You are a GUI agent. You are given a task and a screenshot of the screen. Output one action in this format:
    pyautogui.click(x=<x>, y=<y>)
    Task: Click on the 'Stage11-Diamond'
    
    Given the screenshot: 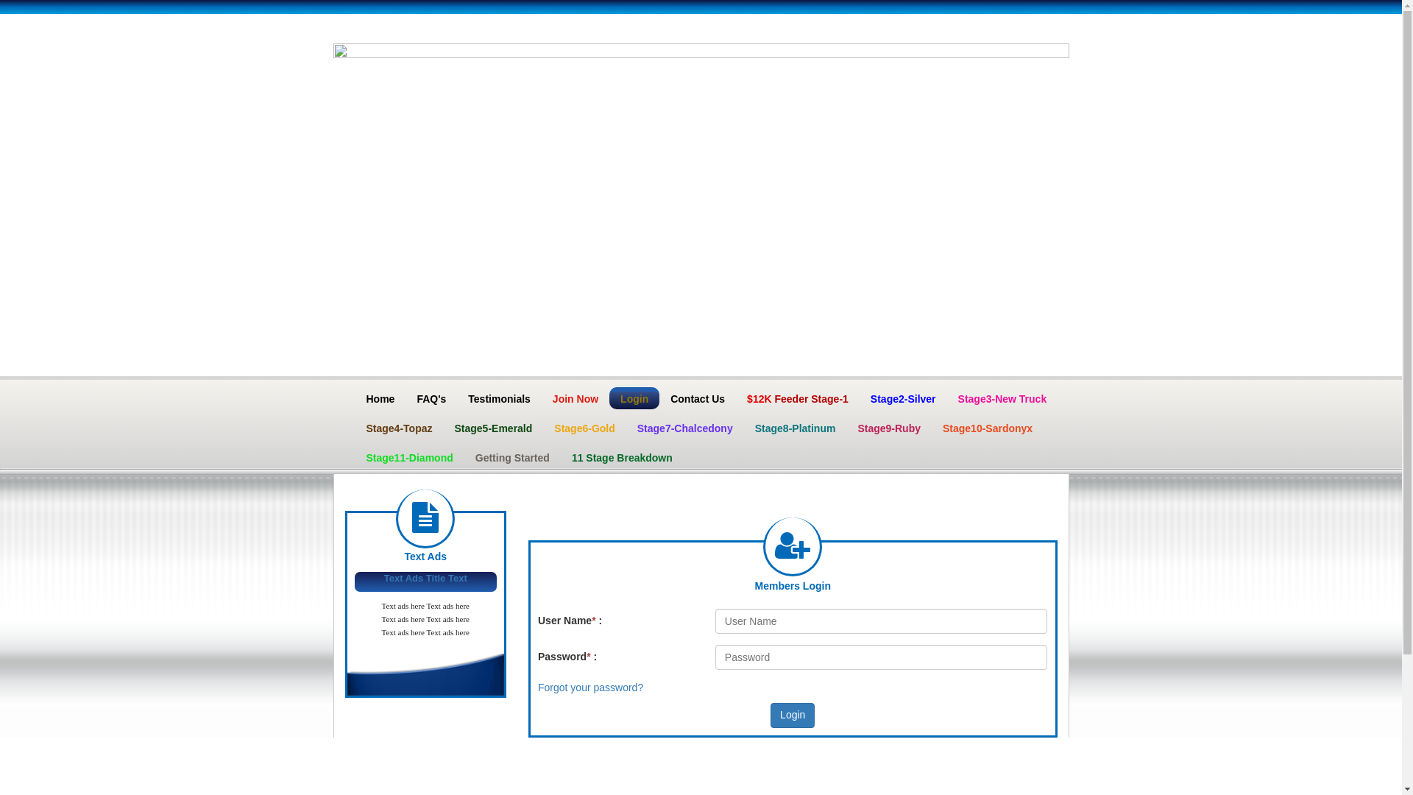 What is the action you would take?
    pyautogui.click(x=409, y=456)
    